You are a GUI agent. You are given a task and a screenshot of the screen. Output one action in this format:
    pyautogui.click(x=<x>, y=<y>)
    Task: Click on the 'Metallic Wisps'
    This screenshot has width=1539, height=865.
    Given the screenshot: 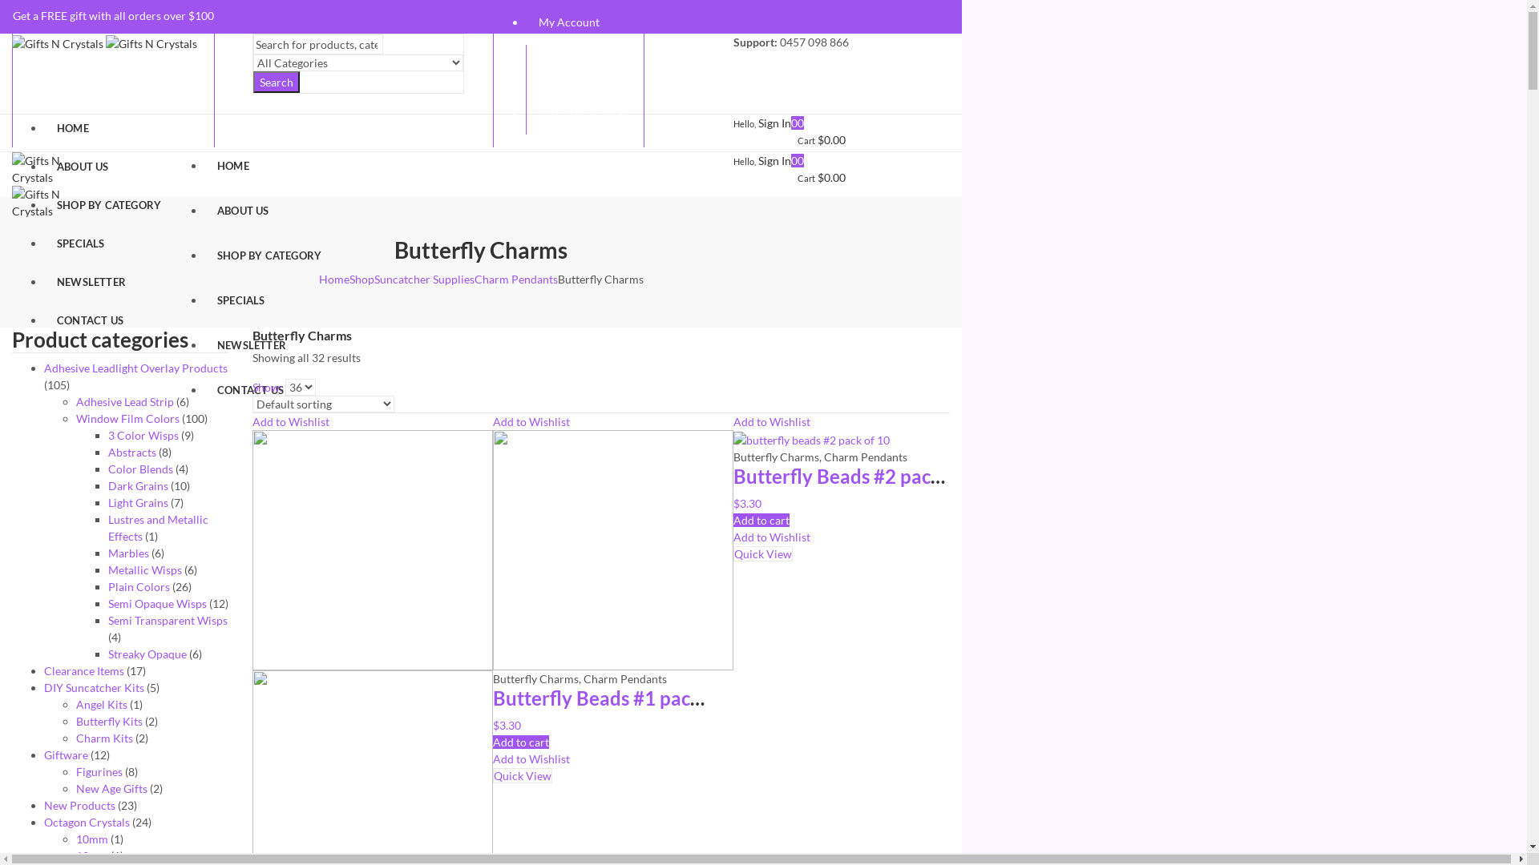 What is the action you would take?
    pyautogui.click(x=145, y=569)
    